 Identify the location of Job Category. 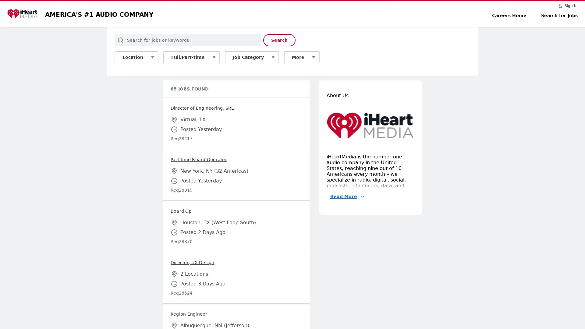
(239, 170).